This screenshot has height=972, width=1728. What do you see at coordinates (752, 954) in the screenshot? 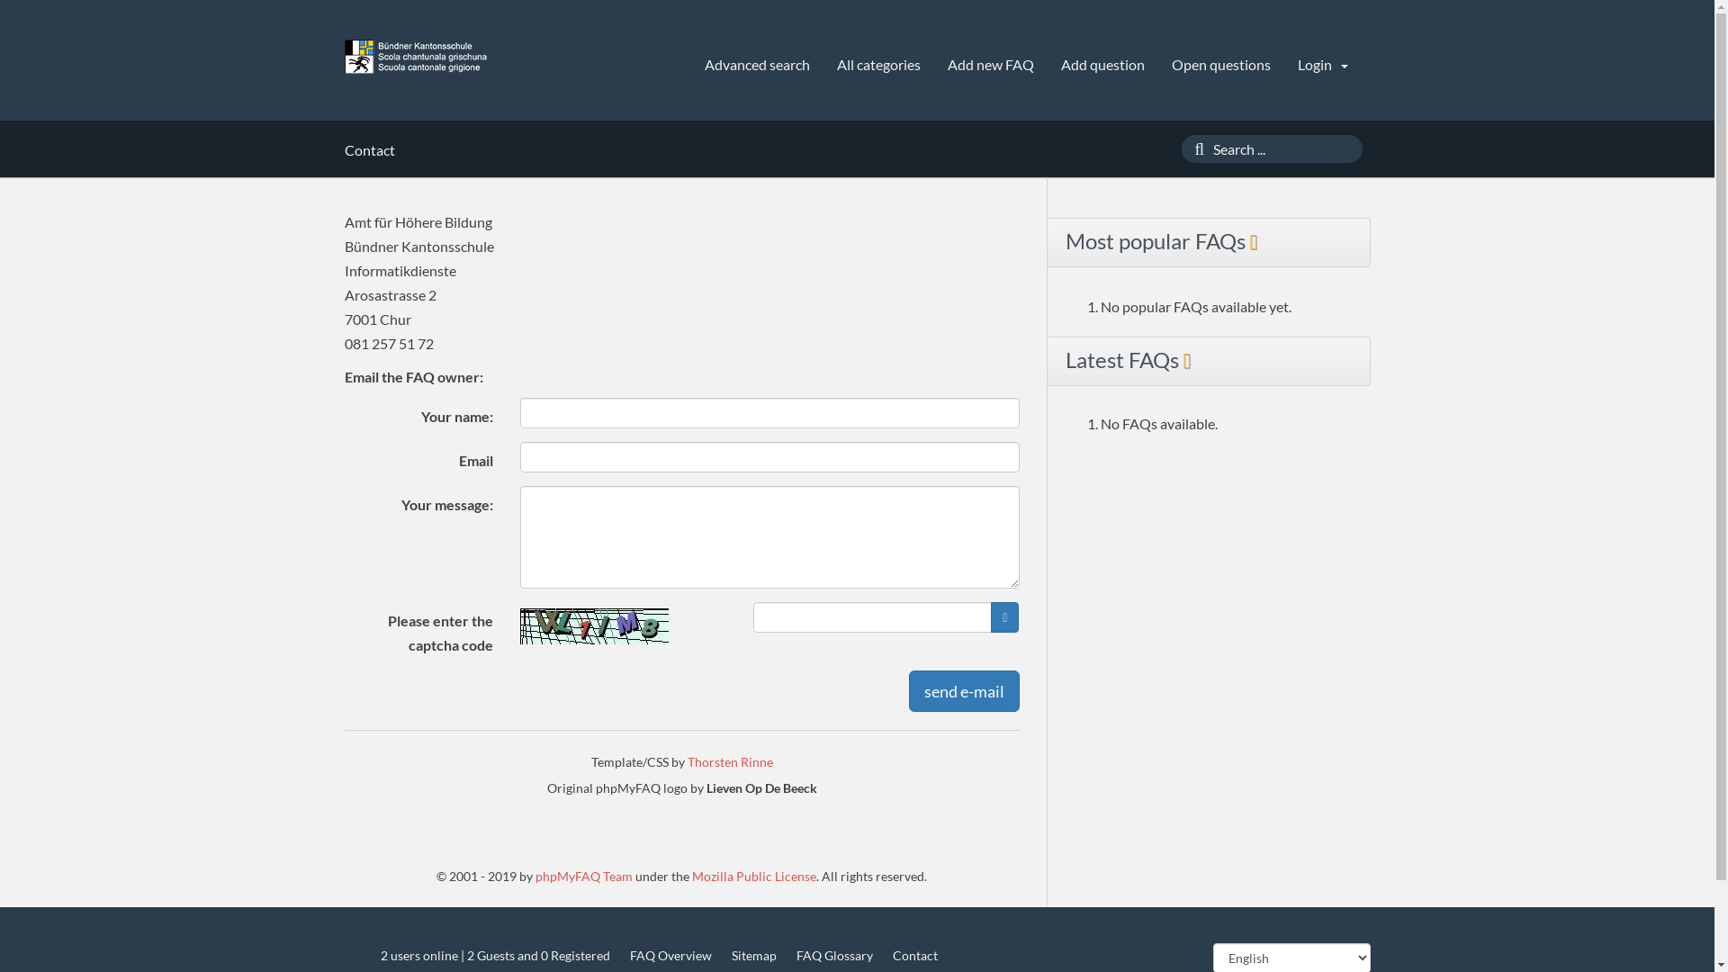
I see `'Sitemap'` at bounding box center [752, 954].